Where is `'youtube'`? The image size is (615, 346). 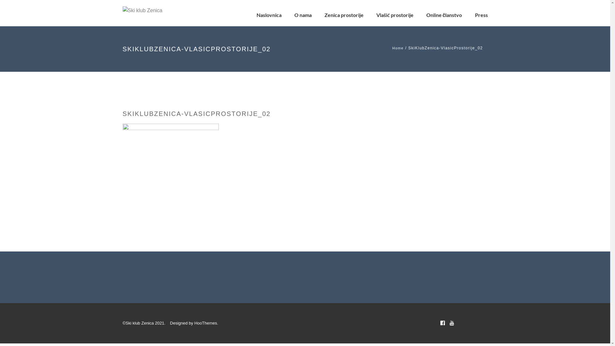
'youtube' is located at coordinates (449, 323).